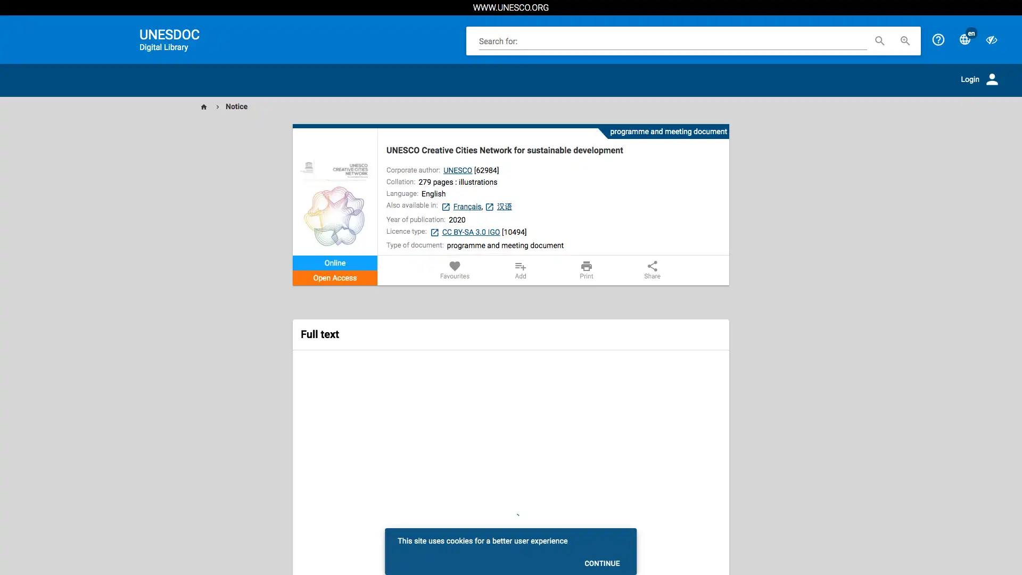 The image size is (1022, 575). What do you see at coordinates (602, 563) in the screenshot?
I see `CONTINUE` at bounding box center [602, 563].